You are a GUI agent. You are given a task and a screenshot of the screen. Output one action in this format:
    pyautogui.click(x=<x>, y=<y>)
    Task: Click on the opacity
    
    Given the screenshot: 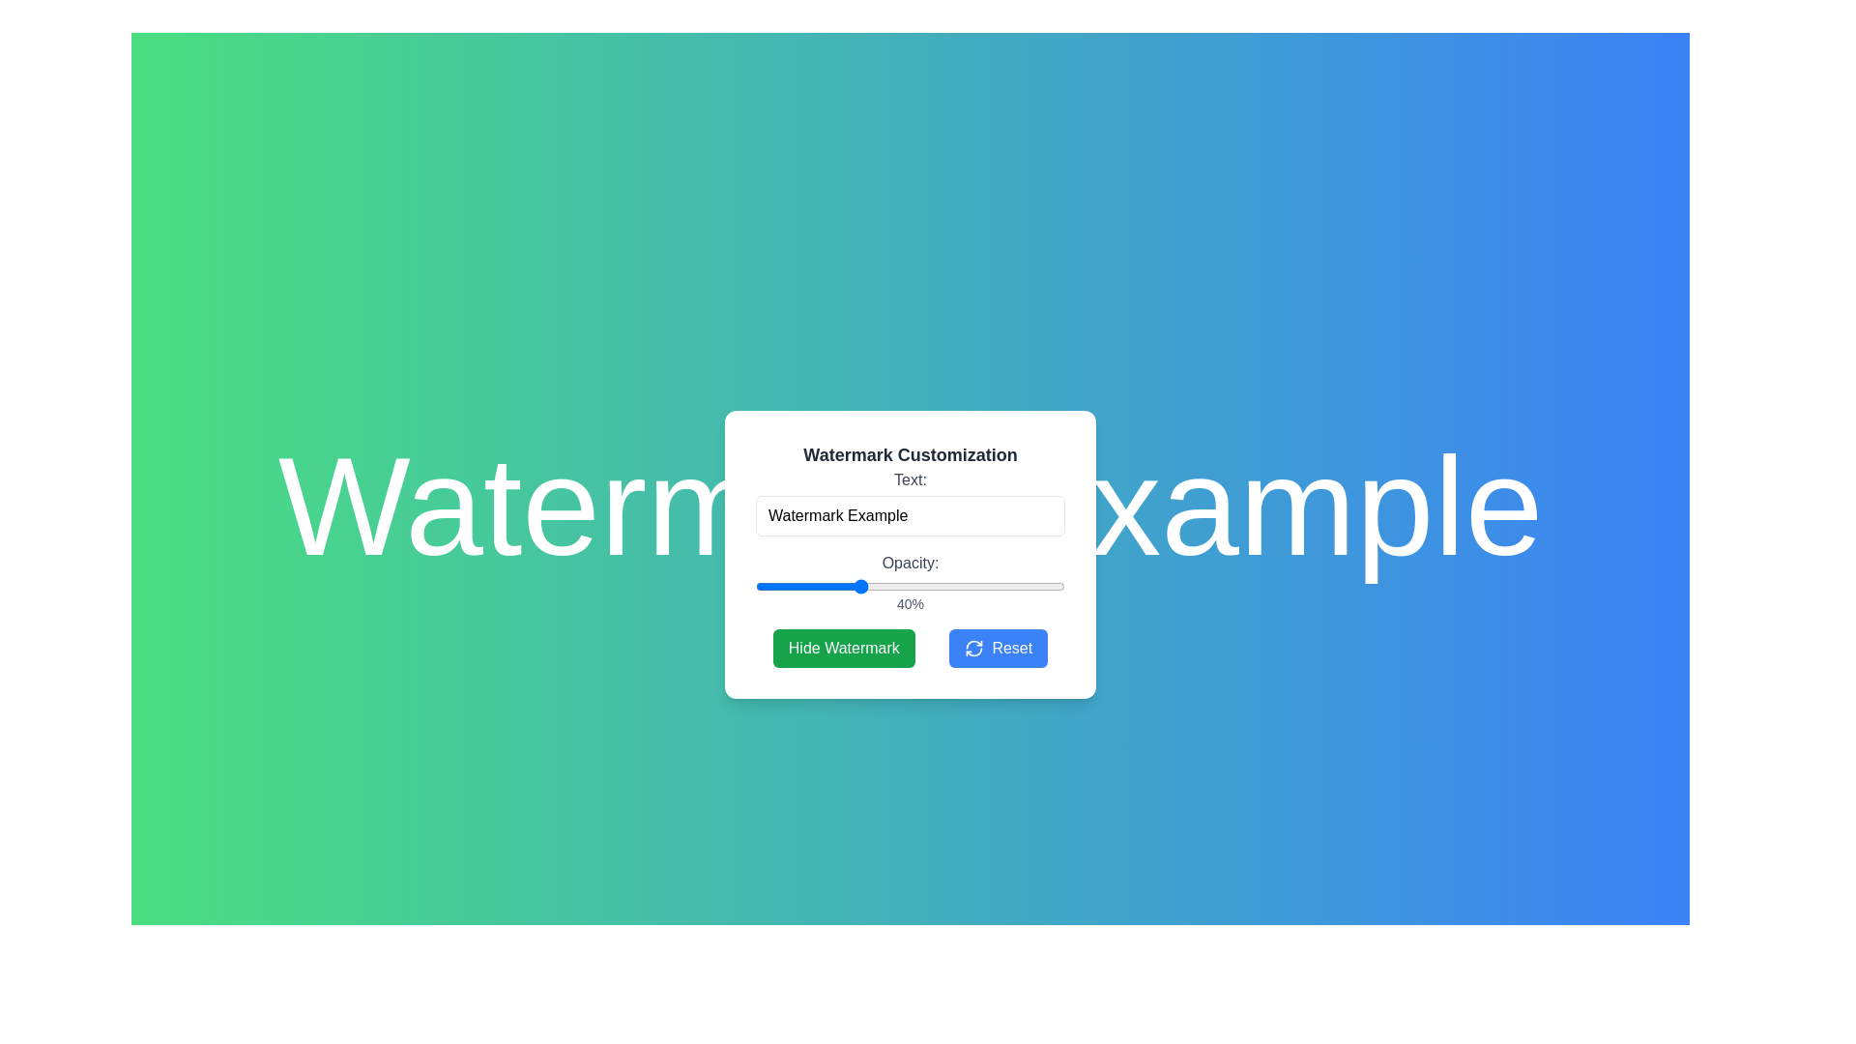 What is the action you would take?
    pyautogui.click(x=864, y=585)
    